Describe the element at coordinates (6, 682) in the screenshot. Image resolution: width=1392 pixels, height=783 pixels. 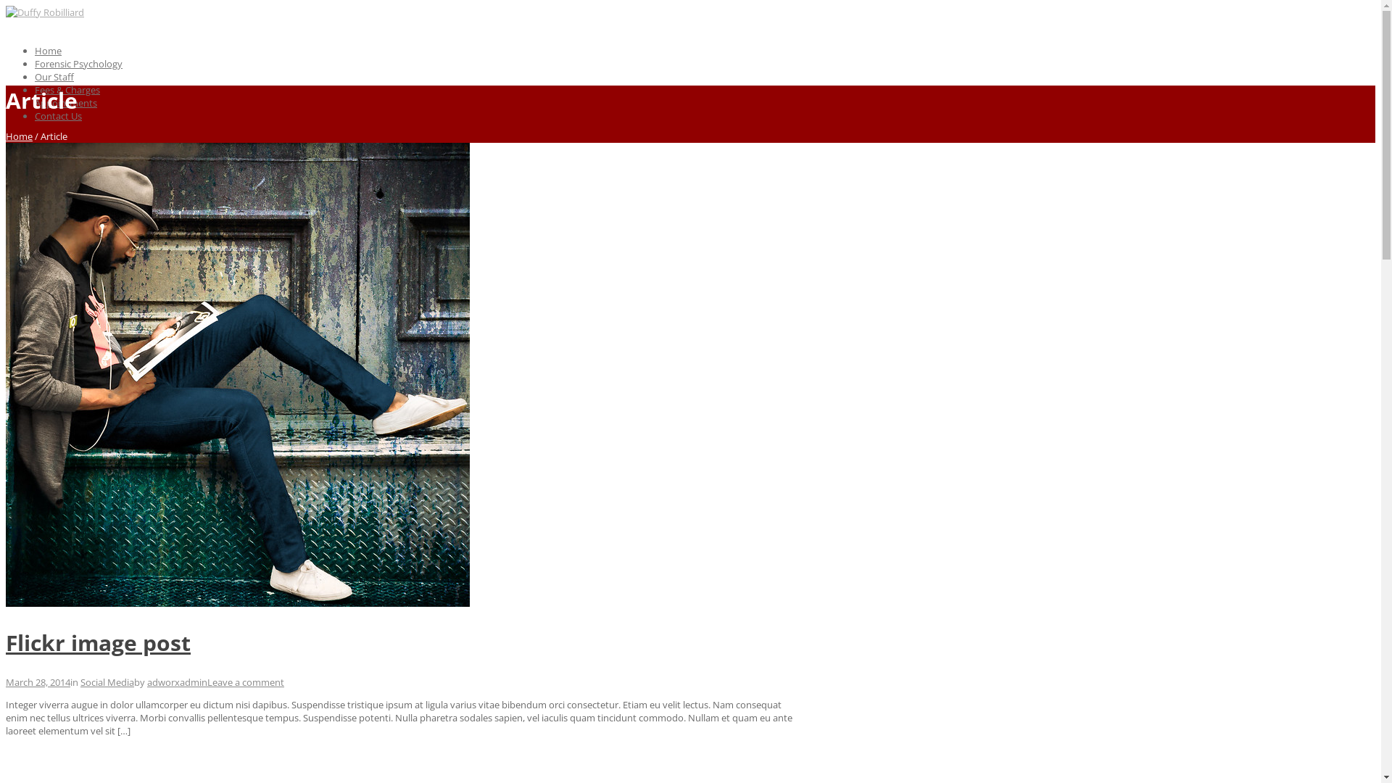
I see `'March 28, 2014'` at that location.